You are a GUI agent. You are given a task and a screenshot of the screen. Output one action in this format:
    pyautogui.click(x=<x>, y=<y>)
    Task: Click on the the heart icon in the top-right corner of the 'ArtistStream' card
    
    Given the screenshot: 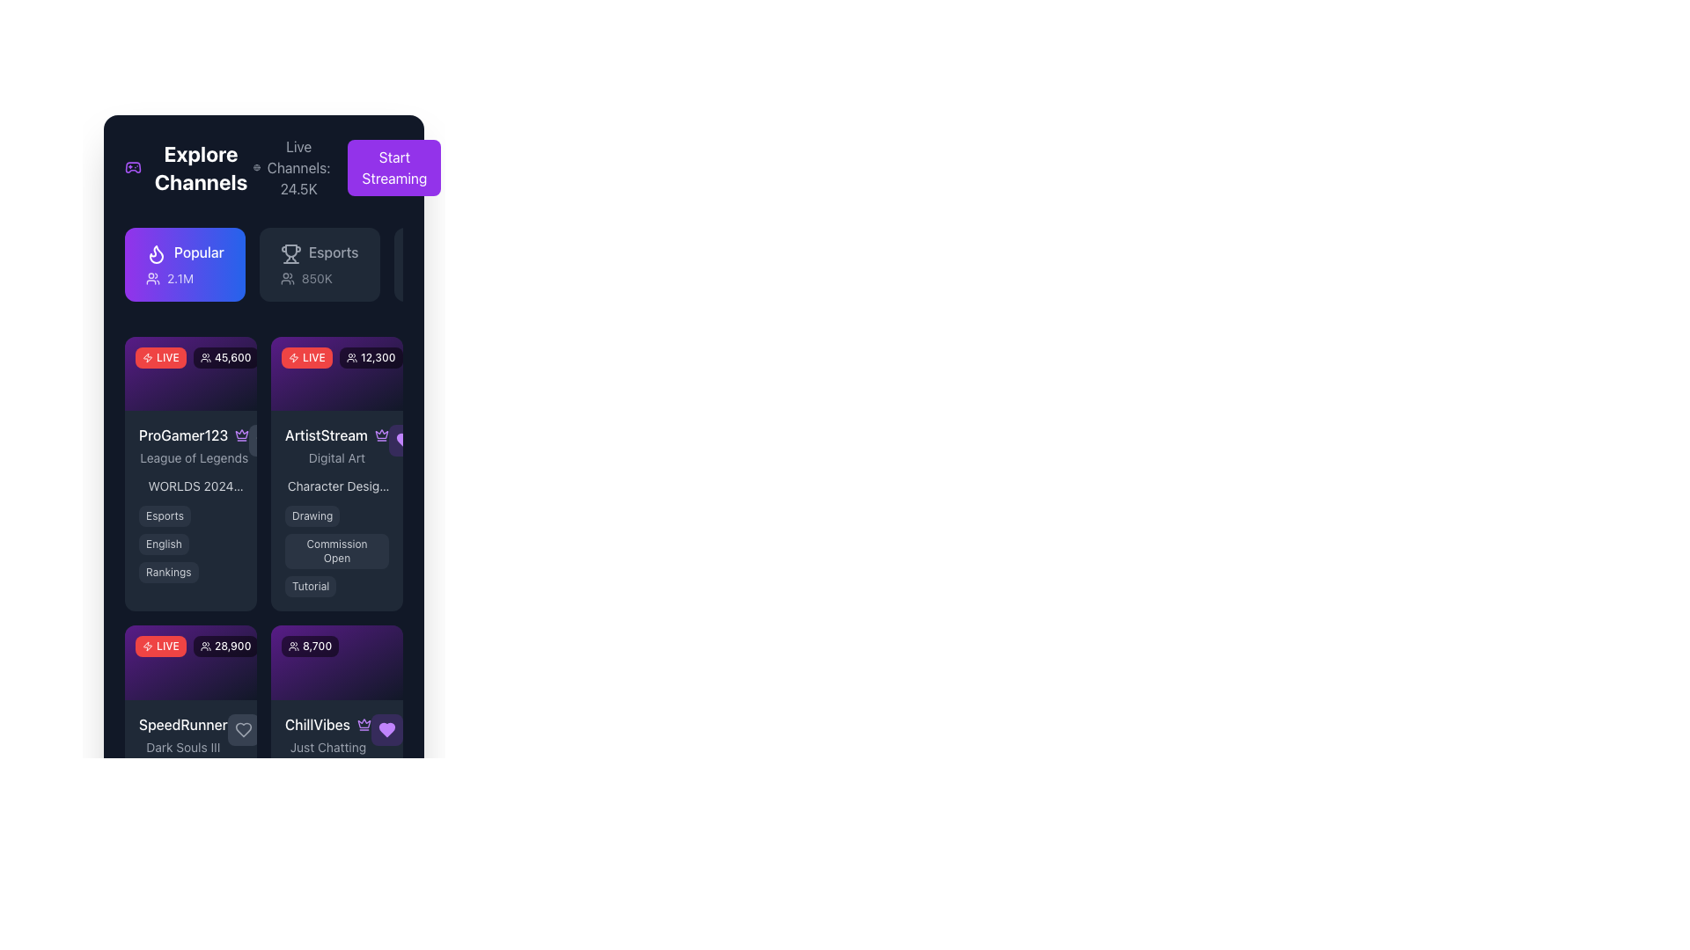 What is the action you would take?
    pyautogui.click(x=404, y=440)
    